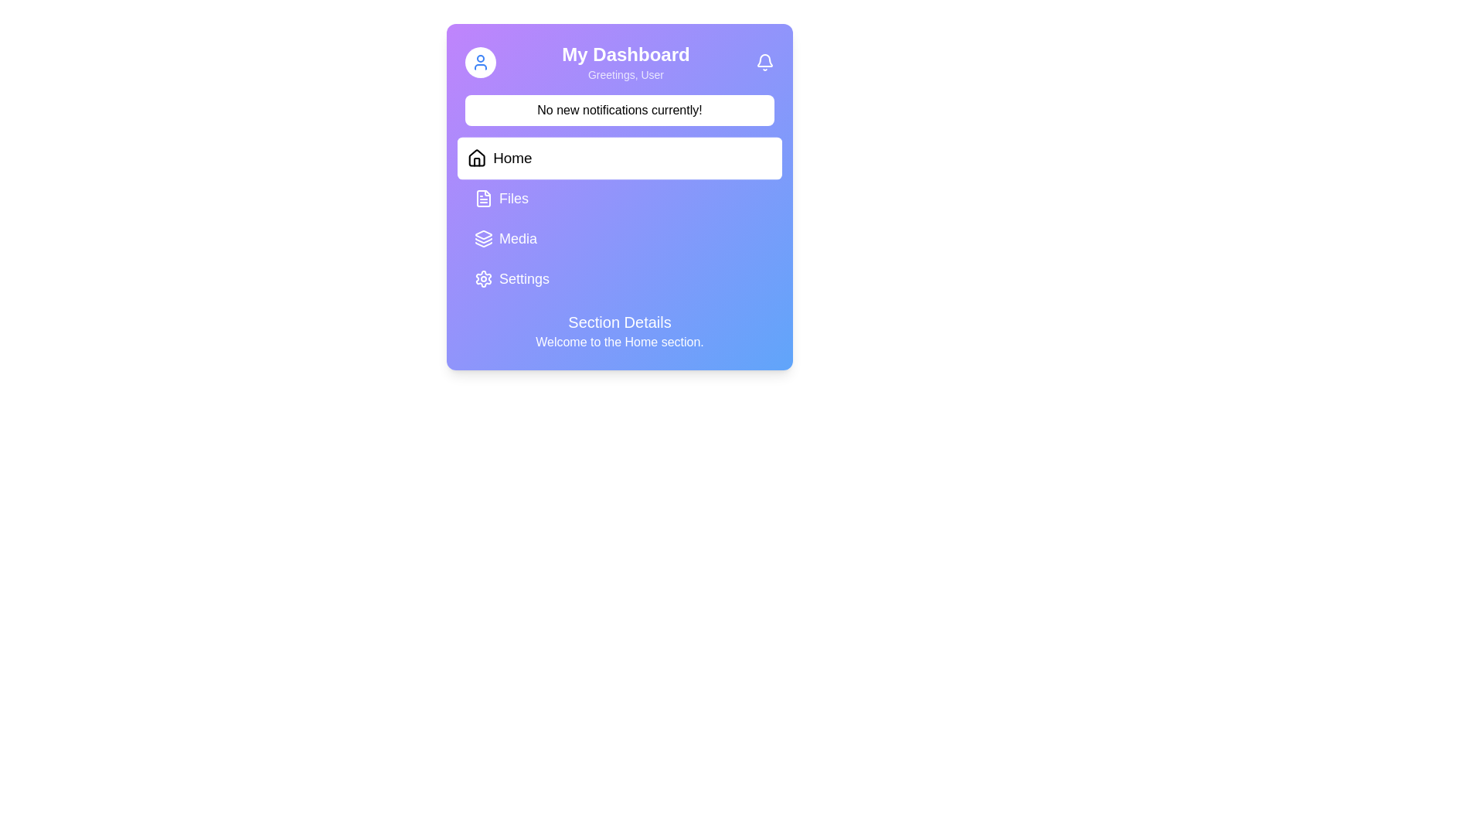 Image resolution: width=1484 pixels, height=835 pixels. I want to click on the 'Files' text label in the vertical menu, which is the second option beneath 'Home', indicating its purpose for file navigation, so click(514, 198).